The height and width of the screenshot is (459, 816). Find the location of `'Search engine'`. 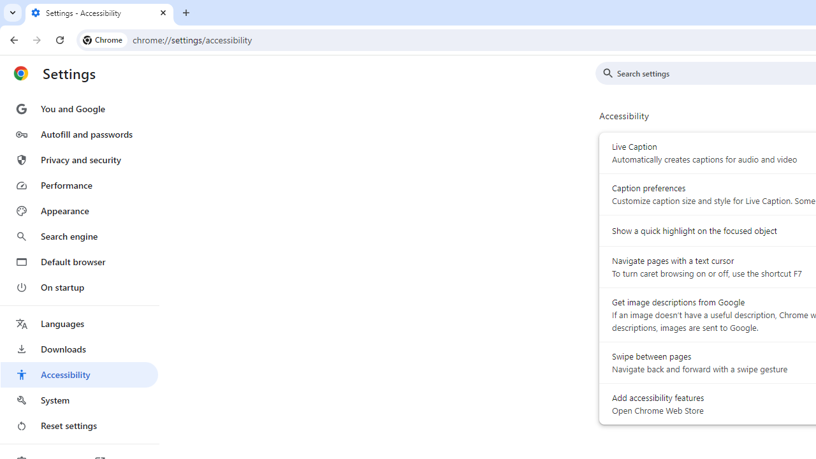

'Search engine' is located at coordinates (78, 237).